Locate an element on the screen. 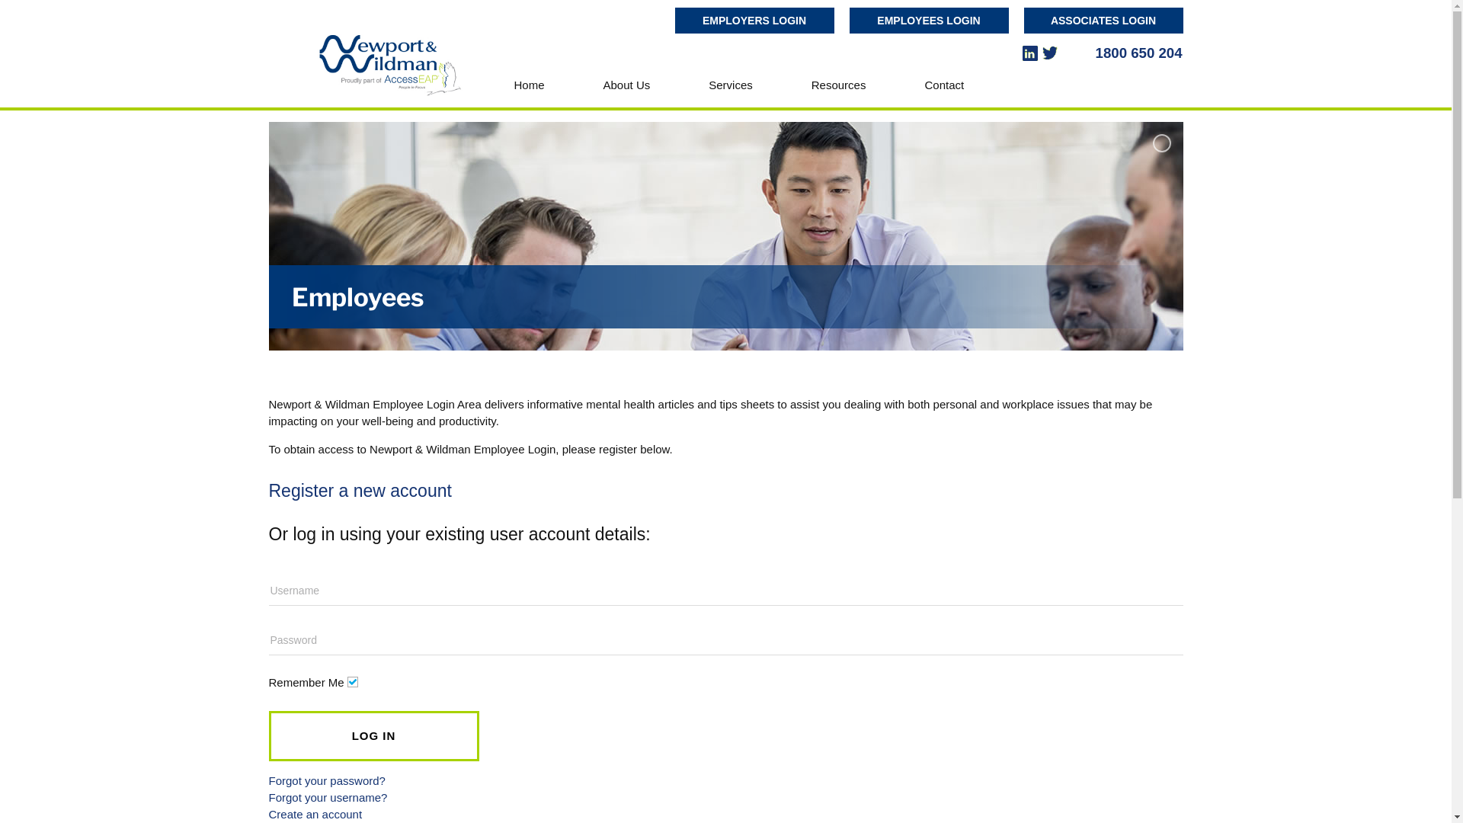 This screenshot has height=823, width=1463. 'Create an account' is located at coordinates (314, 813).